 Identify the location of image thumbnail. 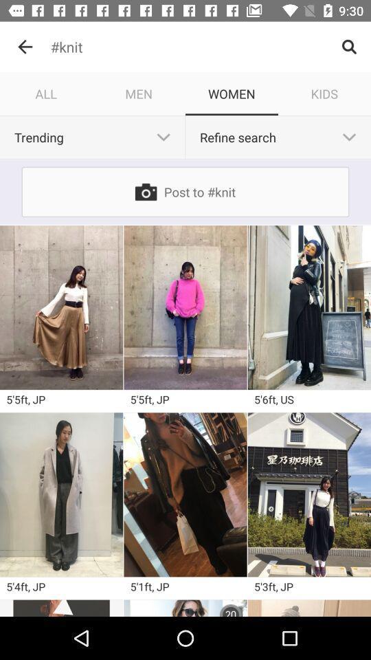
(185, 494).